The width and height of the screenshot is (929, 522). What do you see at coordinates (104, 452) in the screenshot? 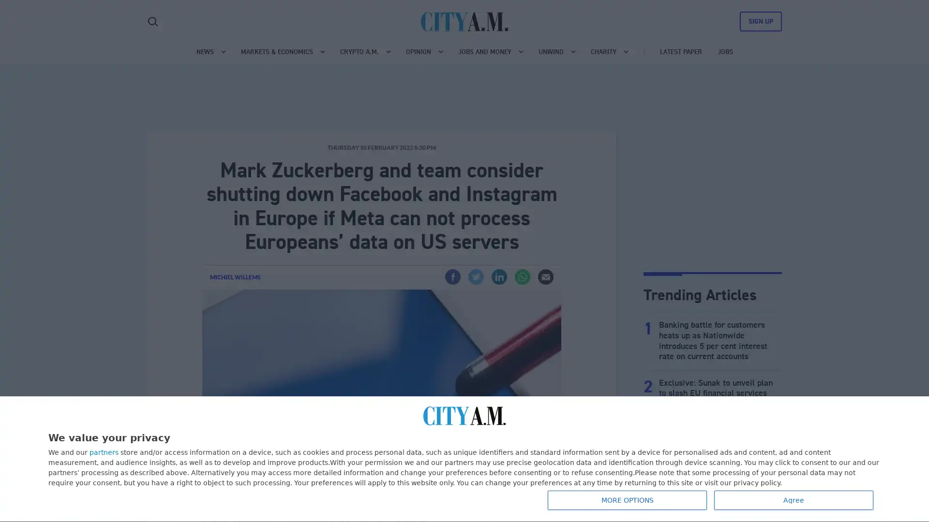
I see `partners` at bounding box center [104, 452].